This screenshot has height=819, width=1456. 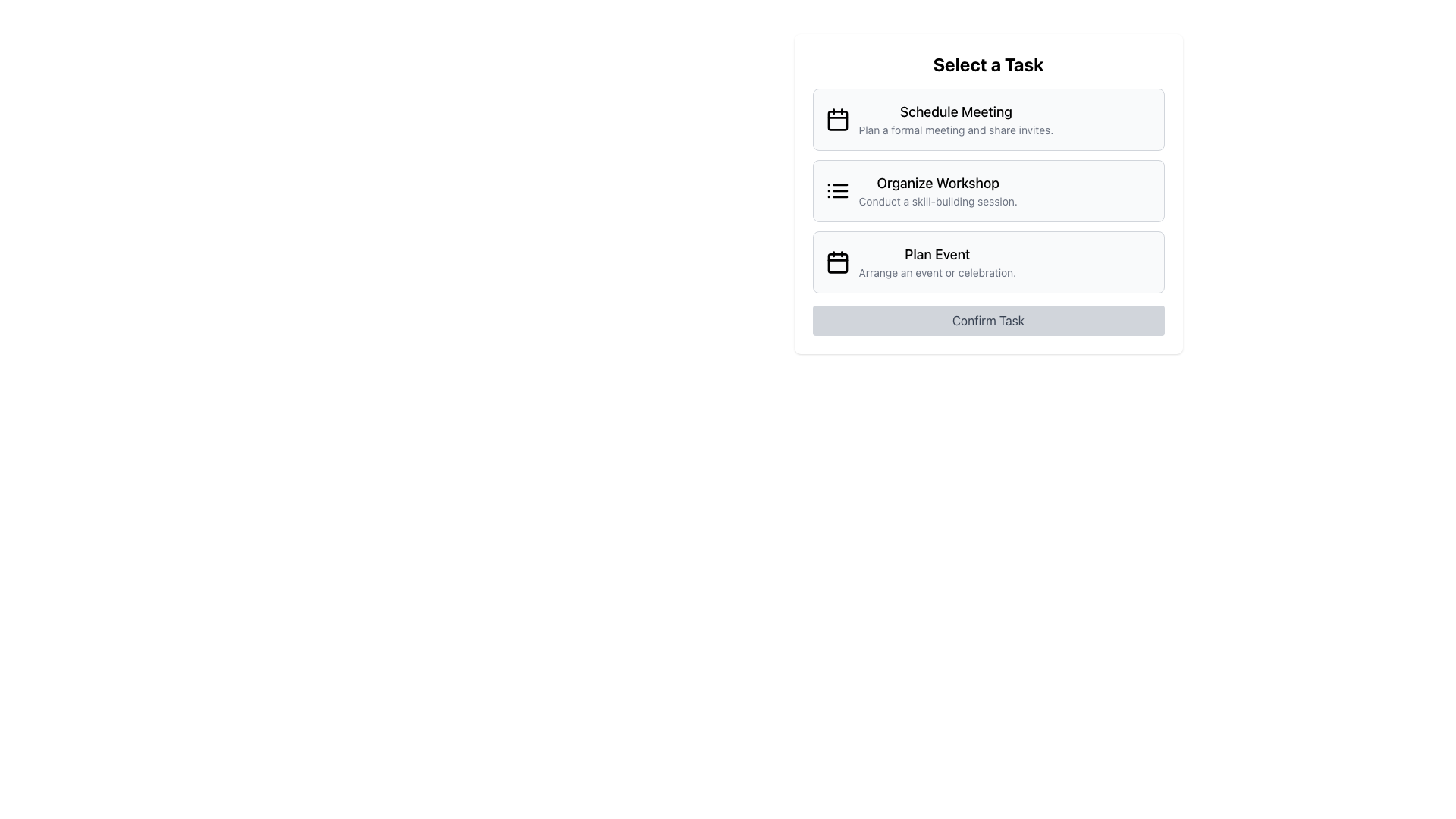 What do you see at coordinates (988, 320) in the screenshot?
I see `the confirmation button located at the bottom of the card-like UI to confirm the selected task choice` at bounding box center [988, 320].